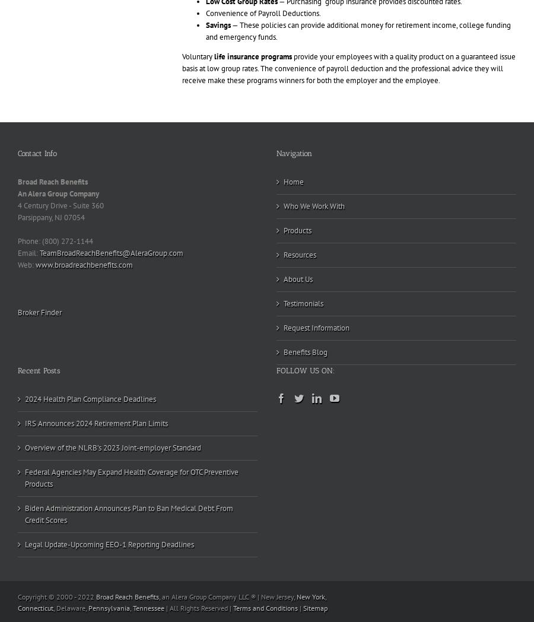 The height and width of the screenshot is (622, 534). What do you see at coordinates (293, 181) in the screenshot?
I see `'Home'` at bounding box center [293, 181].